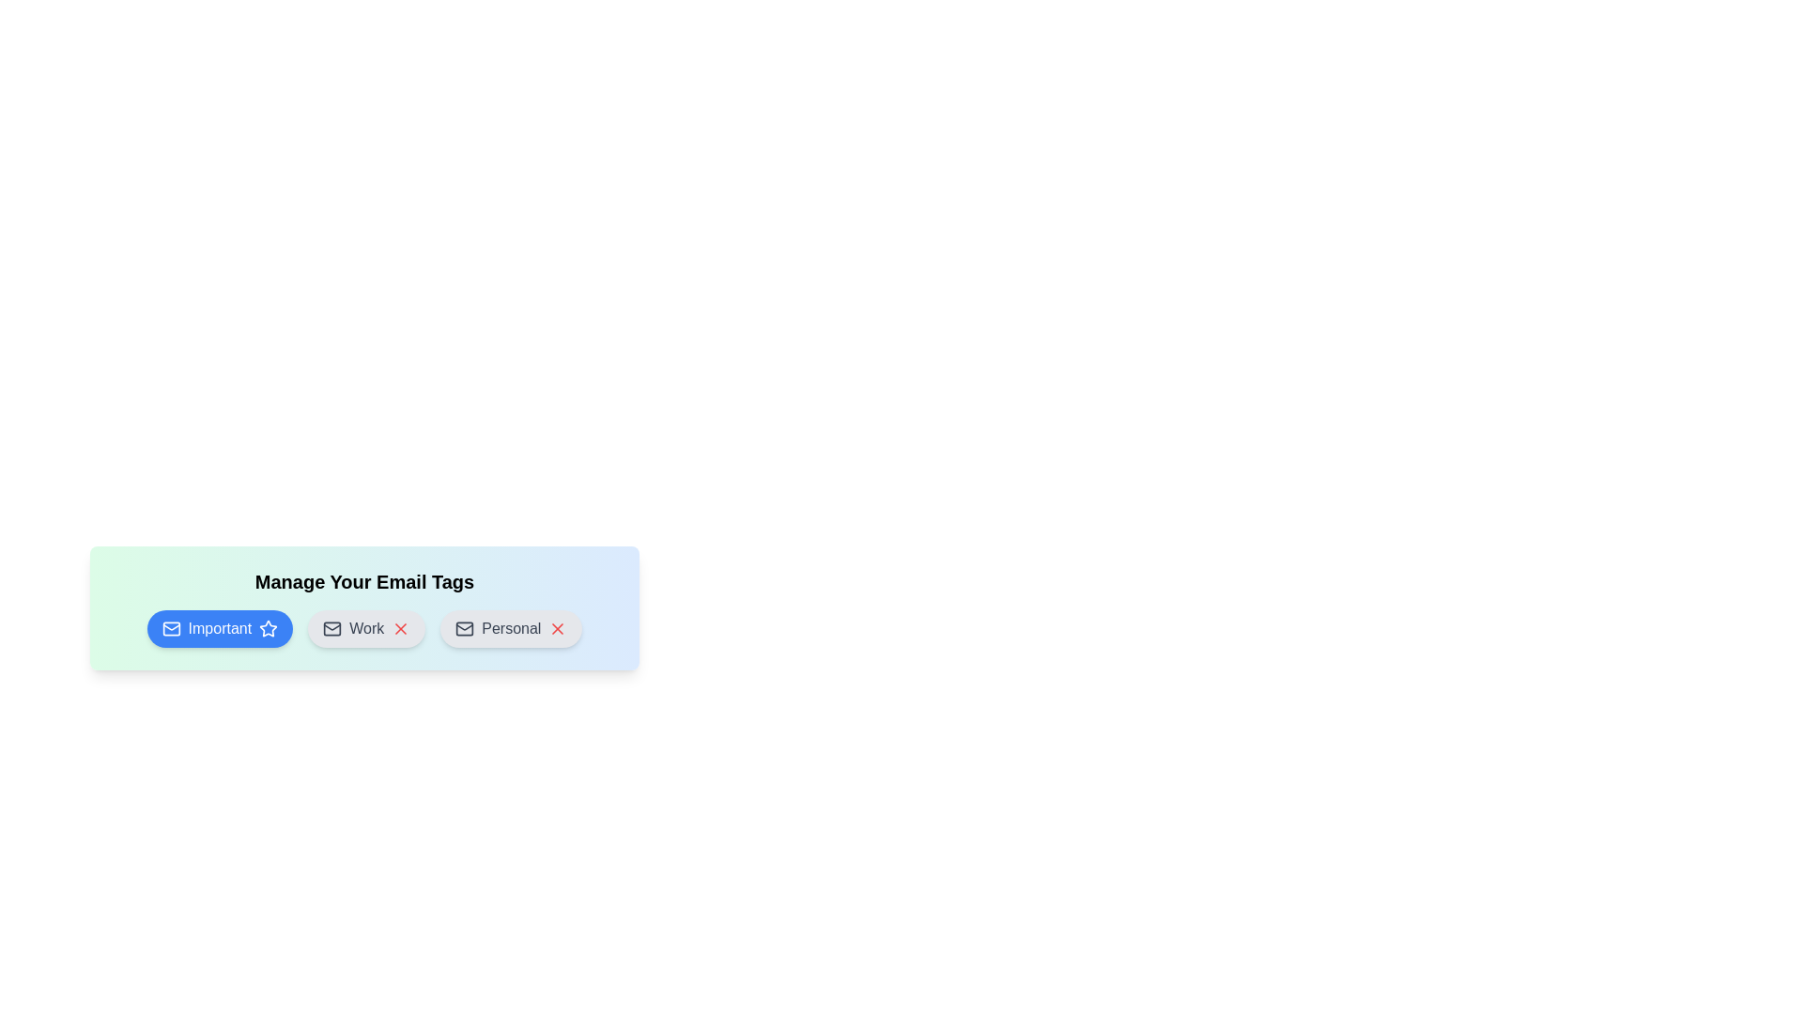  Describe the element at coordinates (511, 629) in the screenshot. I see `the tag Personal to see its hover effect` at that location.